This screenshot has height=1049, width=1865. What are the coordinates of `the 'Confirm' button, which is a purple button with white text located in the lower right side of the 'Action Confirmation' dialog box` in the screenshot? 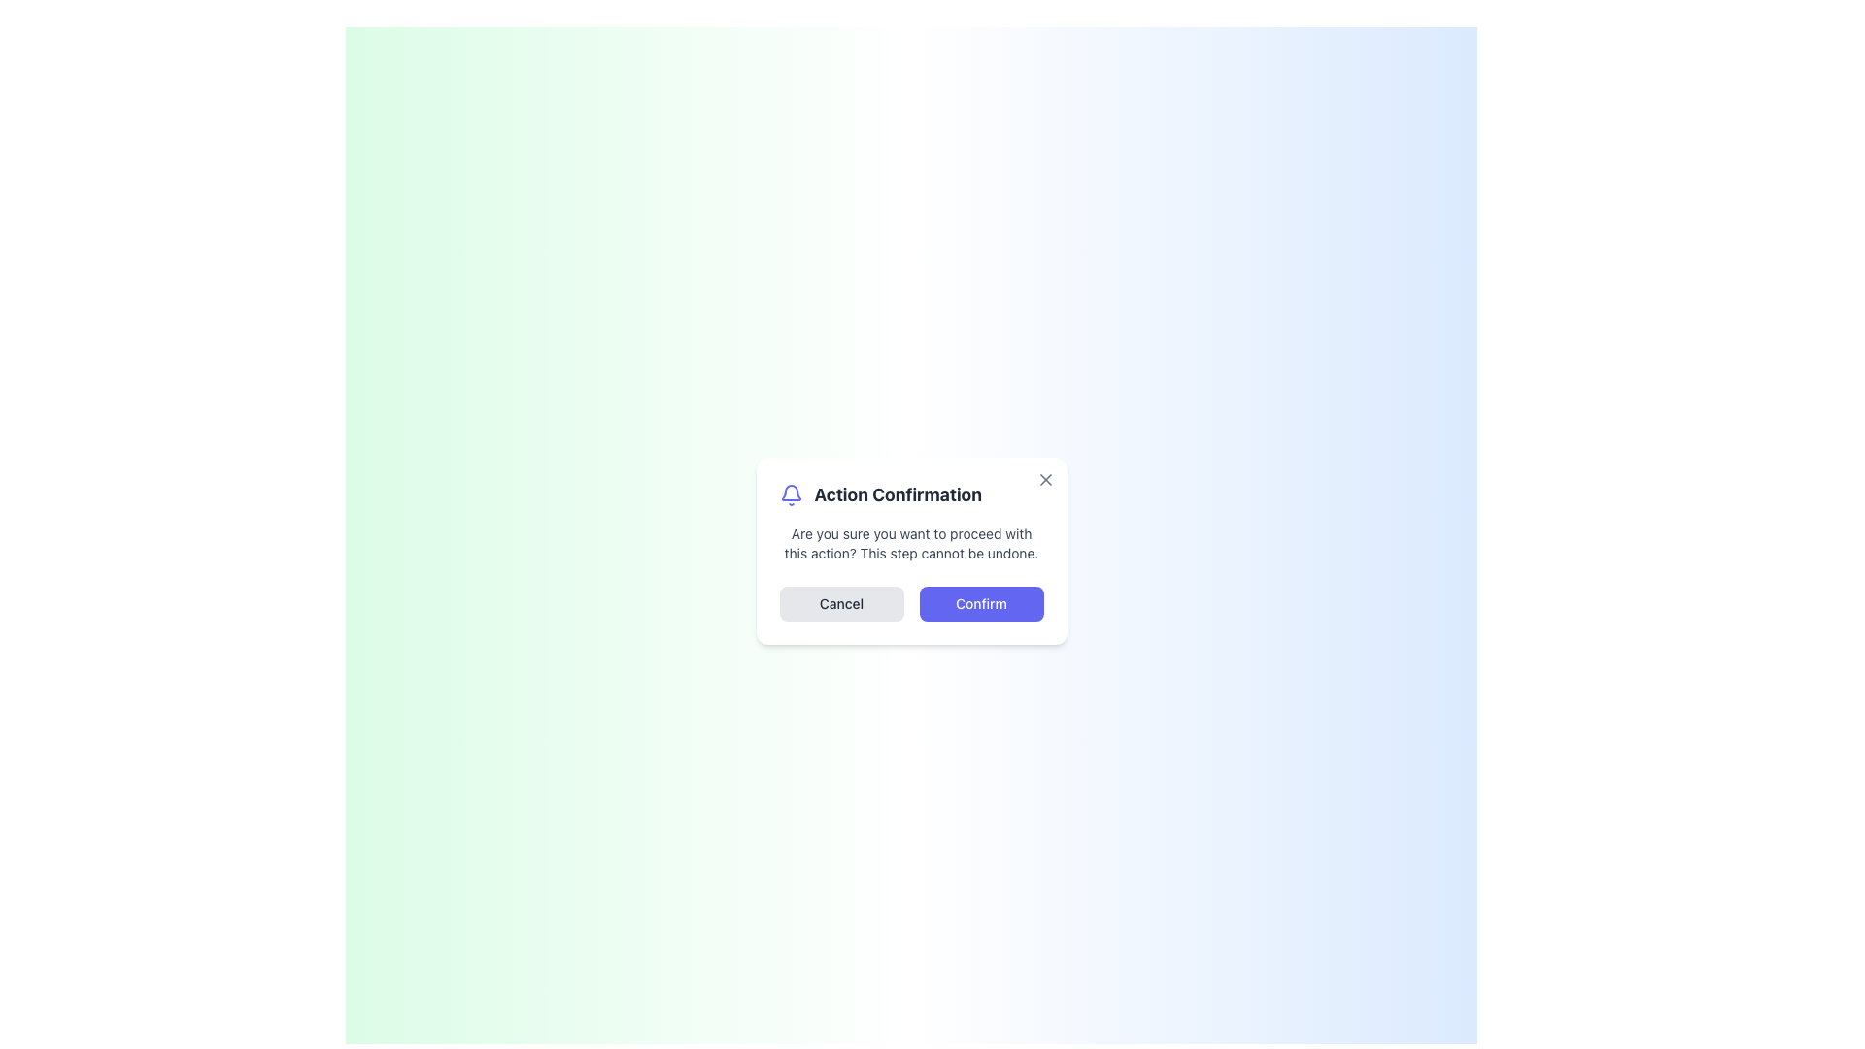 It's located at (981, 602).